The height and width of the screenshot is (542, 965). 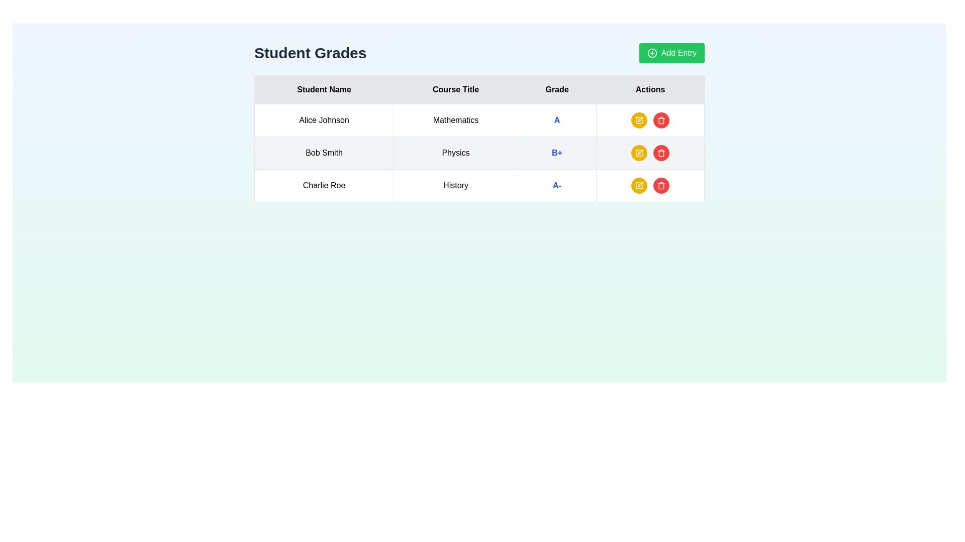 I want to click on the appearance of the ornamental icon component (circle within an SVG) that represents the 'add' action in the button labeled 'Add Entry' located at the top-right corner of the interface, so click(x=652, y=53).